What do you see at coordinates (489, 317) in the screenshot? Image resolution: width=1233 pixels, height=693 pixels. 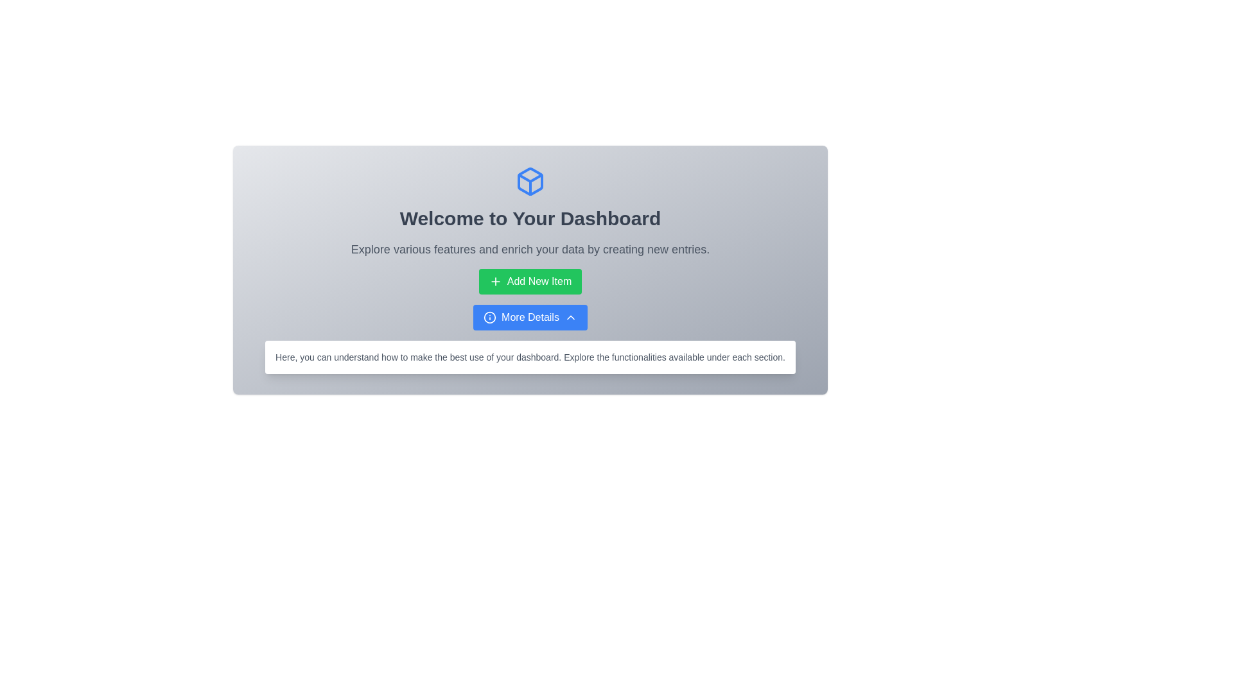 I see `the central SVG Circle graphic that visually represents part of the information symbol, located above the 'More Details' button` at bounding box center [489, 317].